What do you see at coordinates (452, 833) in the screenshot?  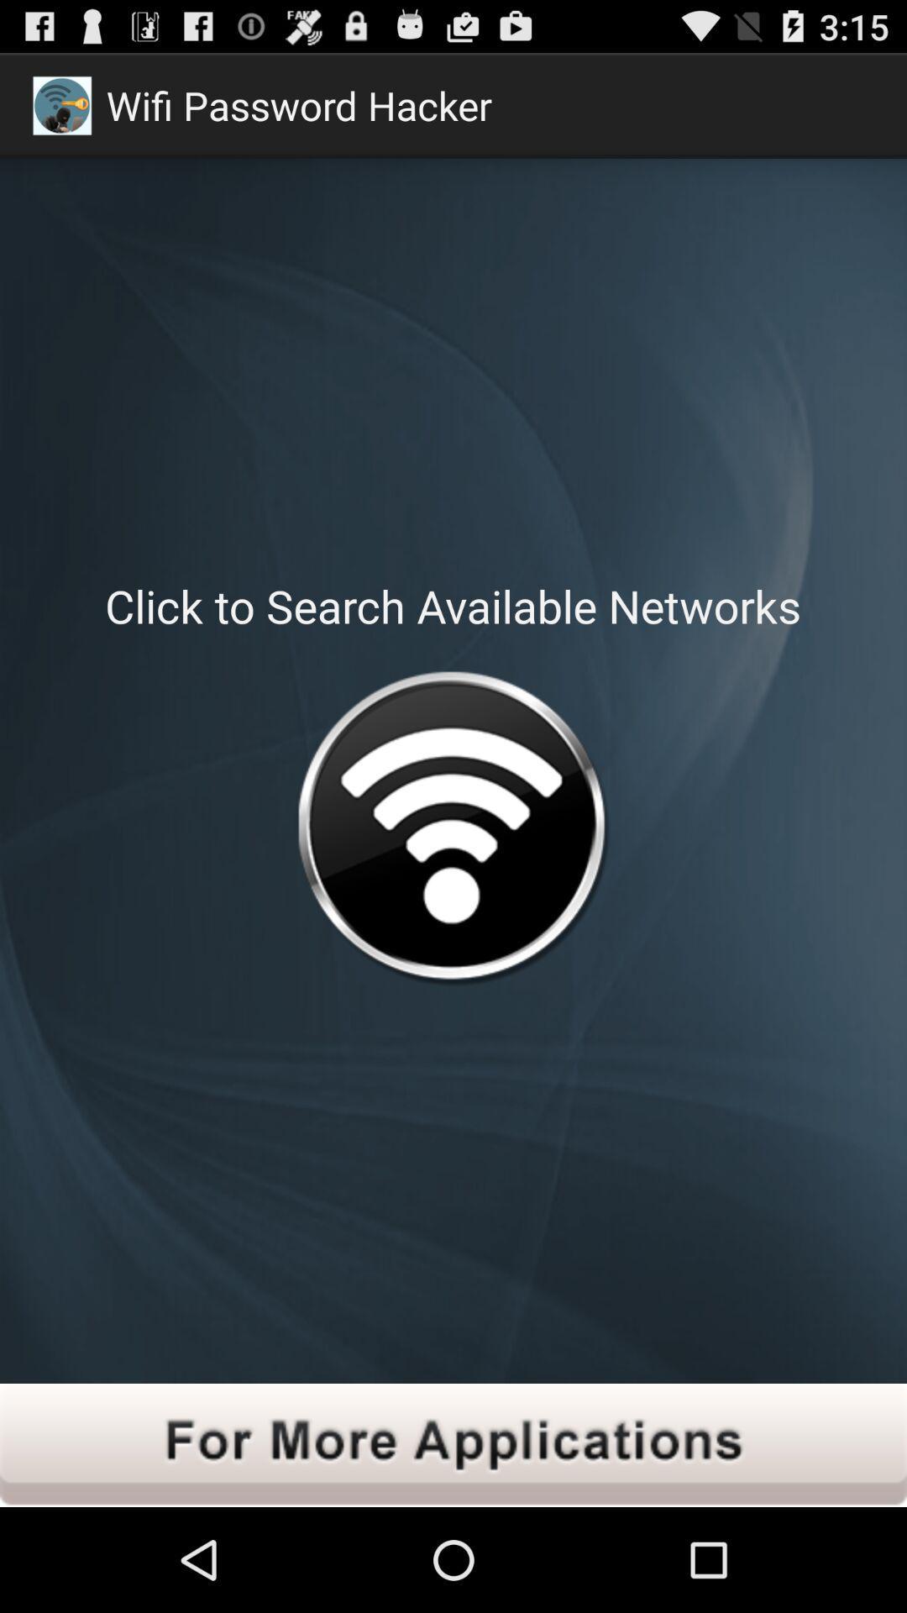 I see `the app below click to search app` at bounding box center [452, 833].